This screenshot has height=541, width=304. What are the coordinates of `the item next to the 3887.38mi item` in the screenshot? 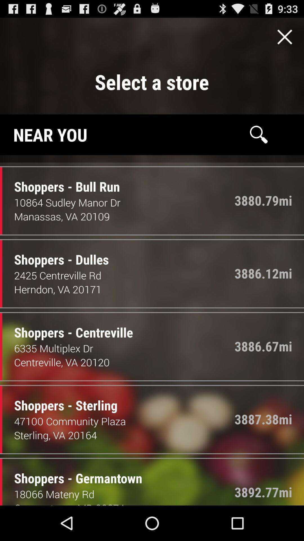 It's located at (124, 421).